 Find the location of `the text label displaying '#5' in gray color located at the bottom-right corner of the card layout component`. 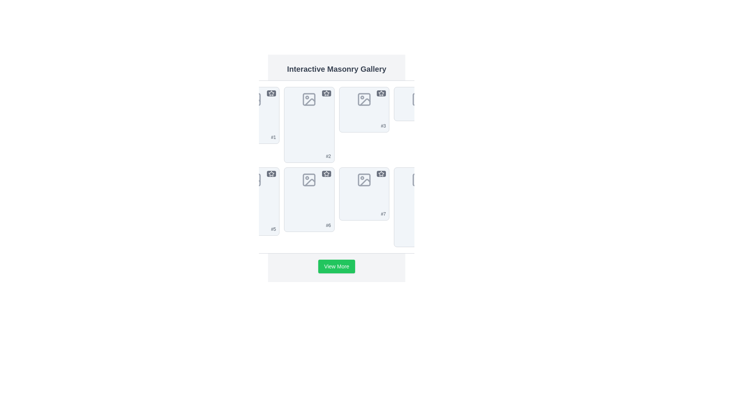

the text label displaying '#5' in gray color located at the bottom-right corner of the card layout component is located at coordinates (273, 229).